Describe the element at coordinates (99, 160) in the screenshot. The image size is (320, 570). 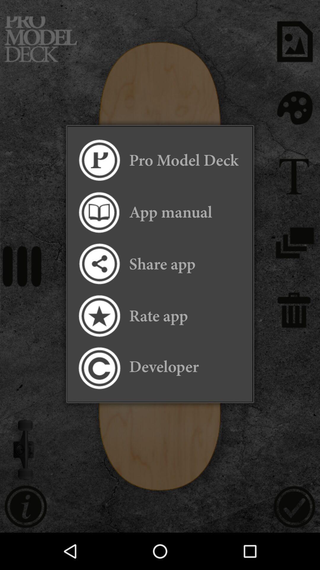
I see `the app to the left of the pro model deck app` at that location.